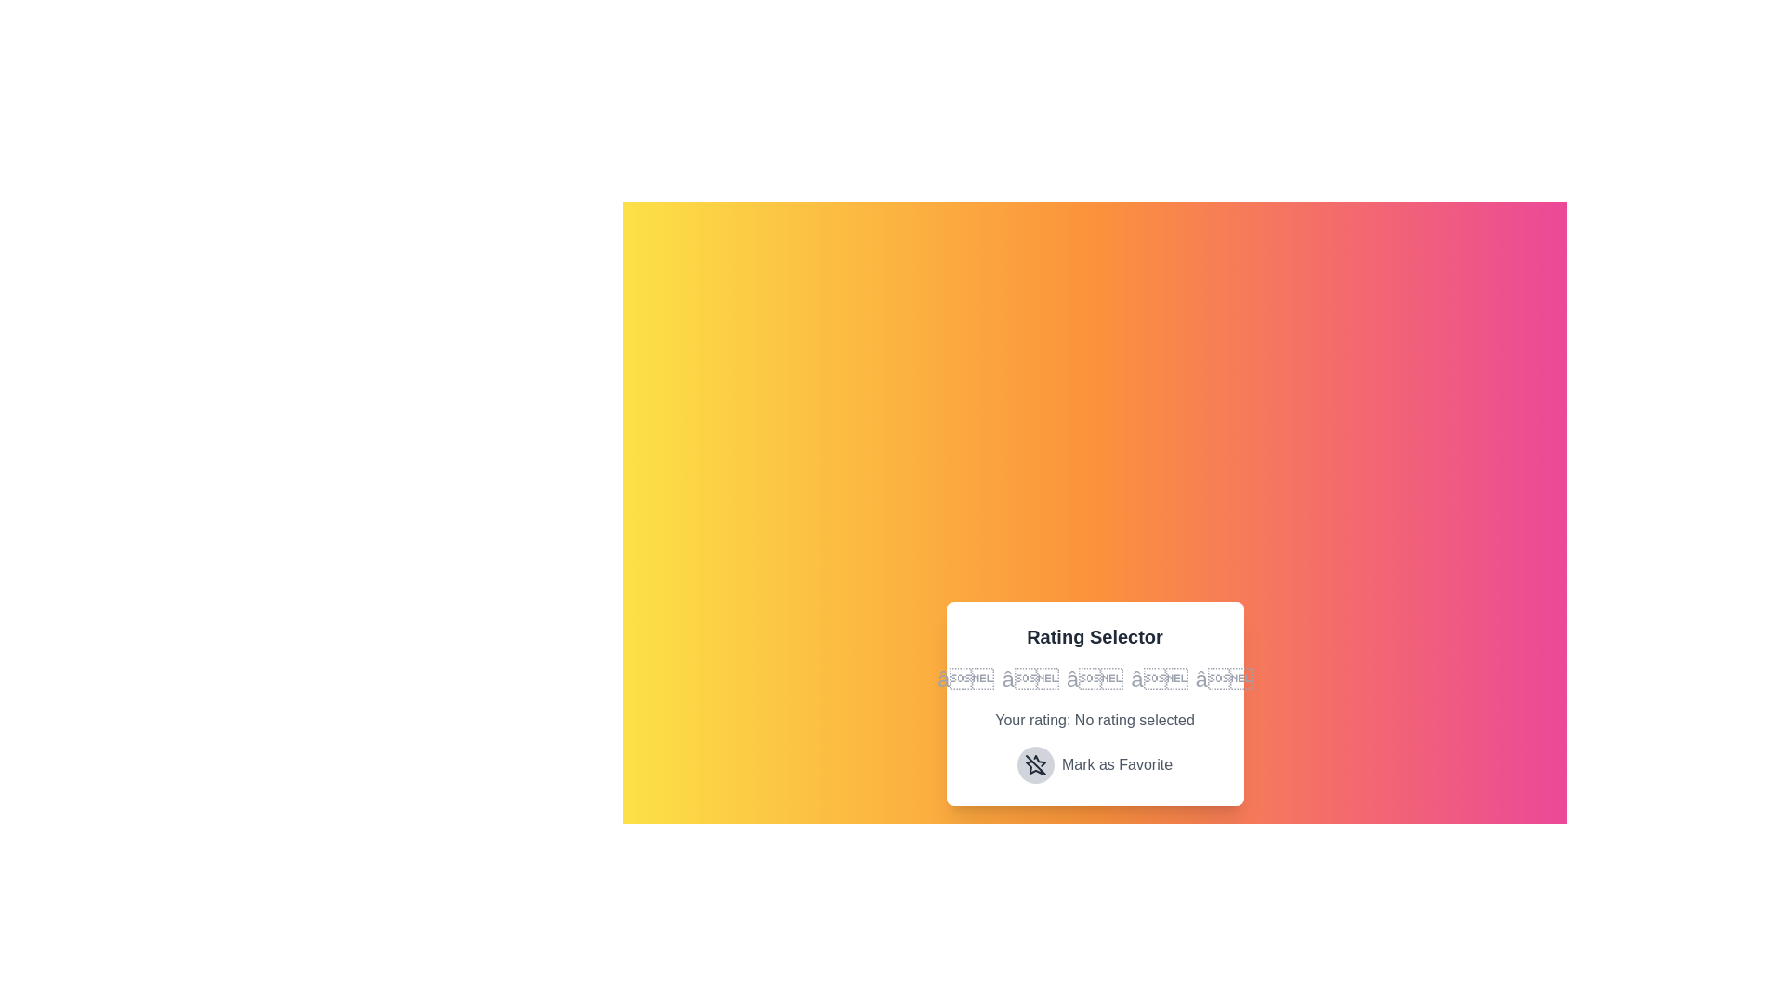 Image resolution: width=1784 pixels, height=1003 pixels. What do you see at coordinates (1095, 719) in the screenshot?
I see `the text label that reads 'Your rating: No rating selected', which is centered below the rating stars and above the 'Mark as Favorite' option in the 'Rating Selector' box` at bounding box center [1095, 719].